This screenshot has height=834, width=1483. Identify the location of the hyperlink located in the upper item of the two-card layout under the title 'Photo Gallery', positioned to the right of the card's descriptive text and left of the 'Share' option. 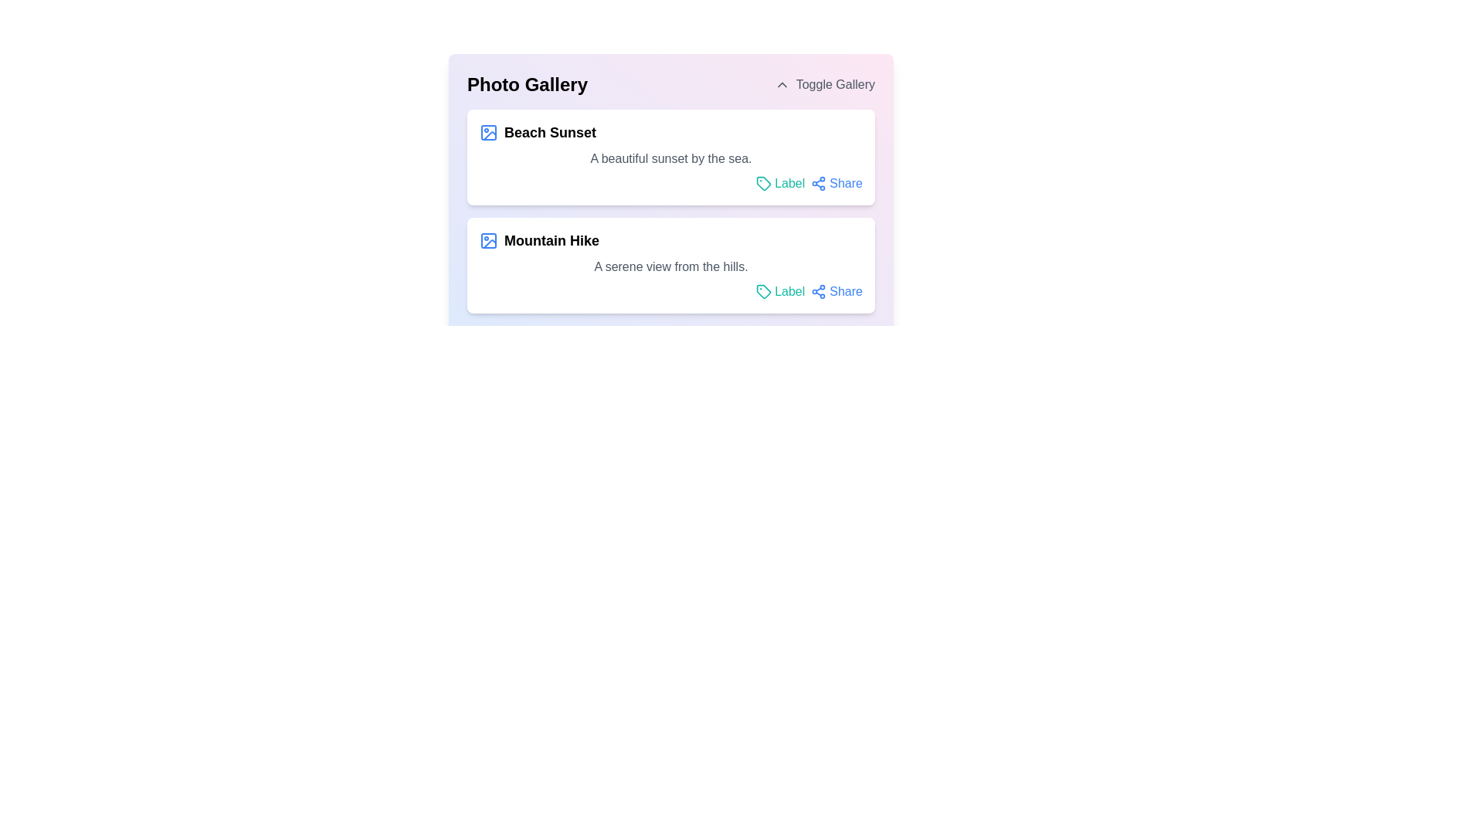
(780, 183).